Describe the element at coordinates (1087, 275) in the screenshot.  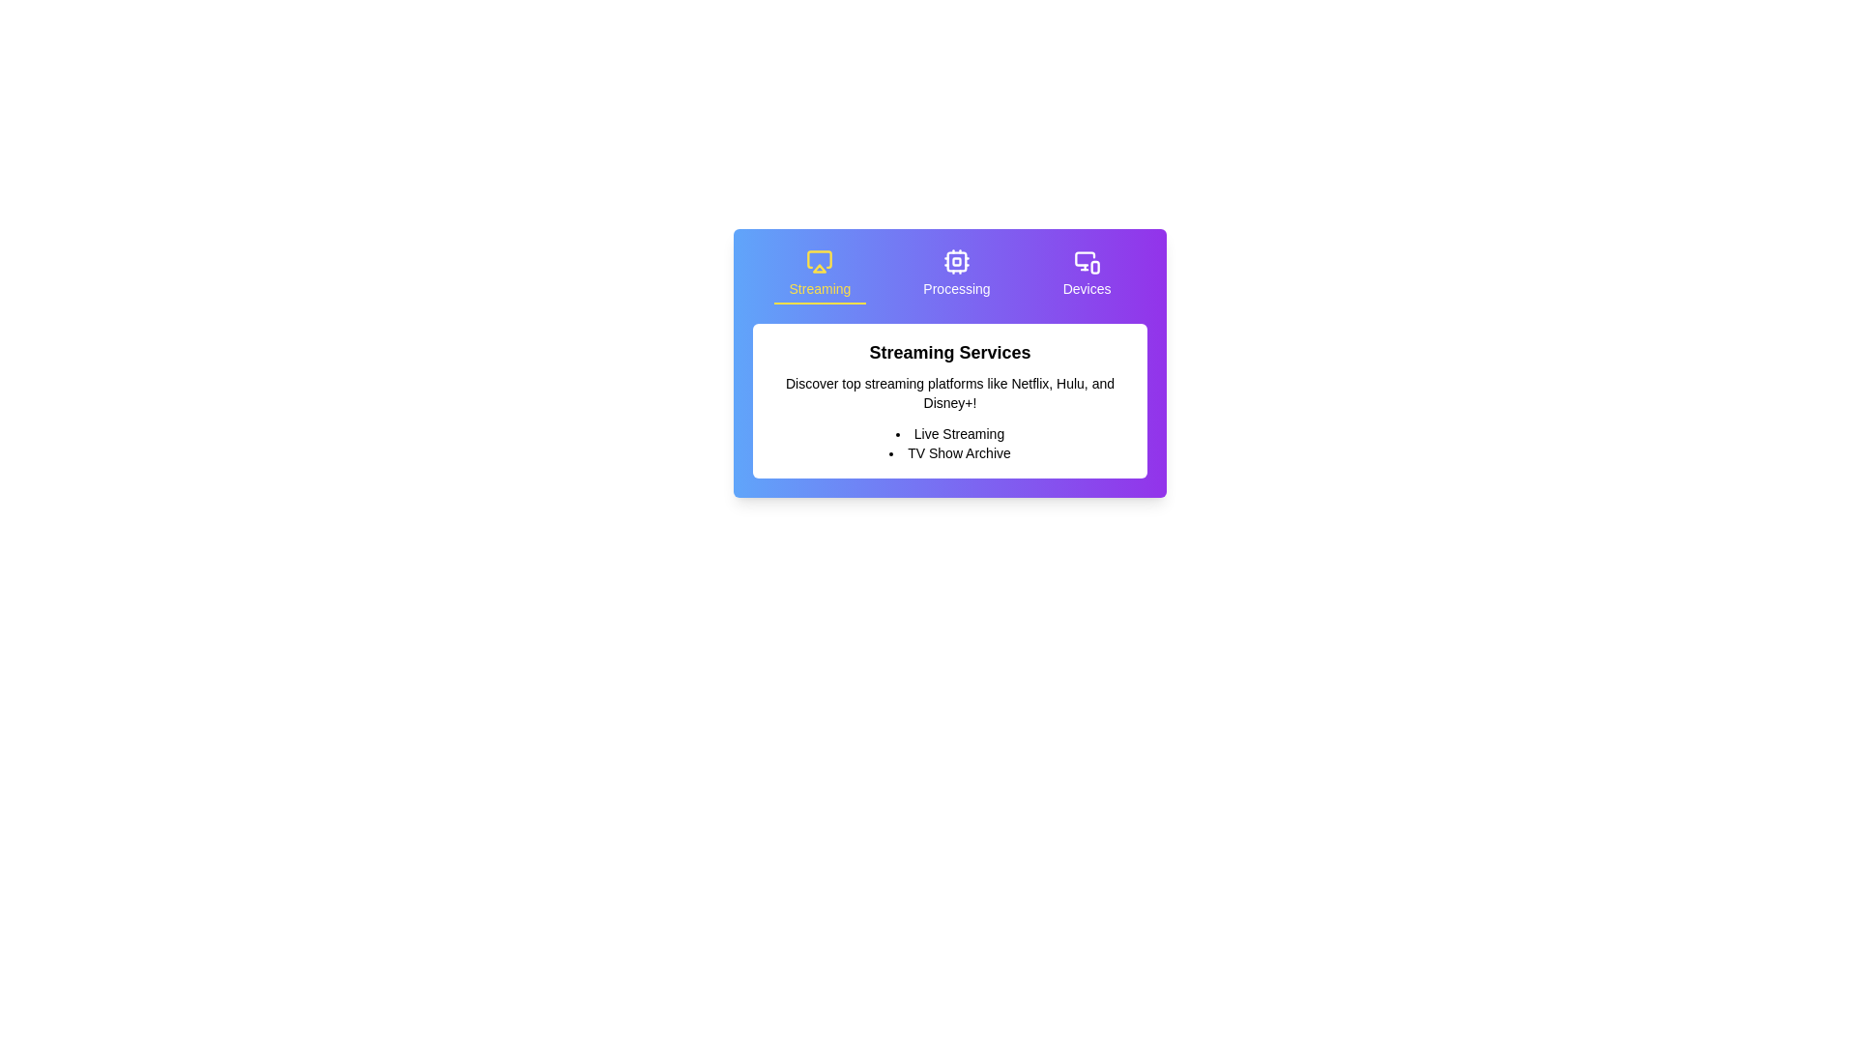
I see `the 'Devices' button, which features a monitor and smartphone icon above the text` at that location.